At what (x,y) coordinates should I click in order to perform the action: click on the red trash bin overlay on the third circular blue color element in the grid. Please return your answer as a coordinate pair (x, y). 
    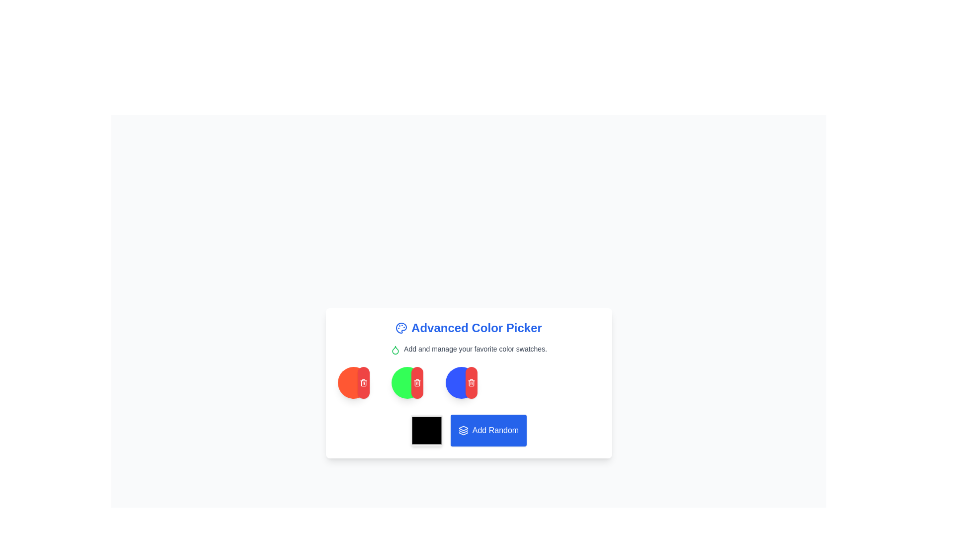
    Looking at the image, I should click on (461, 382).